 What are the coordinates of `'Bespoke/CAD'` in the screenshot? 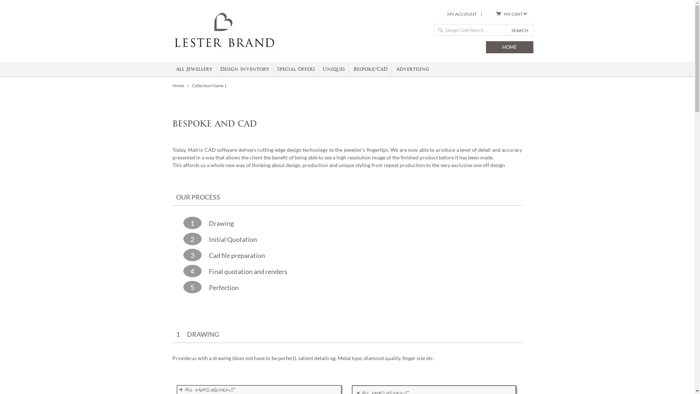 It's located at (370, 69).